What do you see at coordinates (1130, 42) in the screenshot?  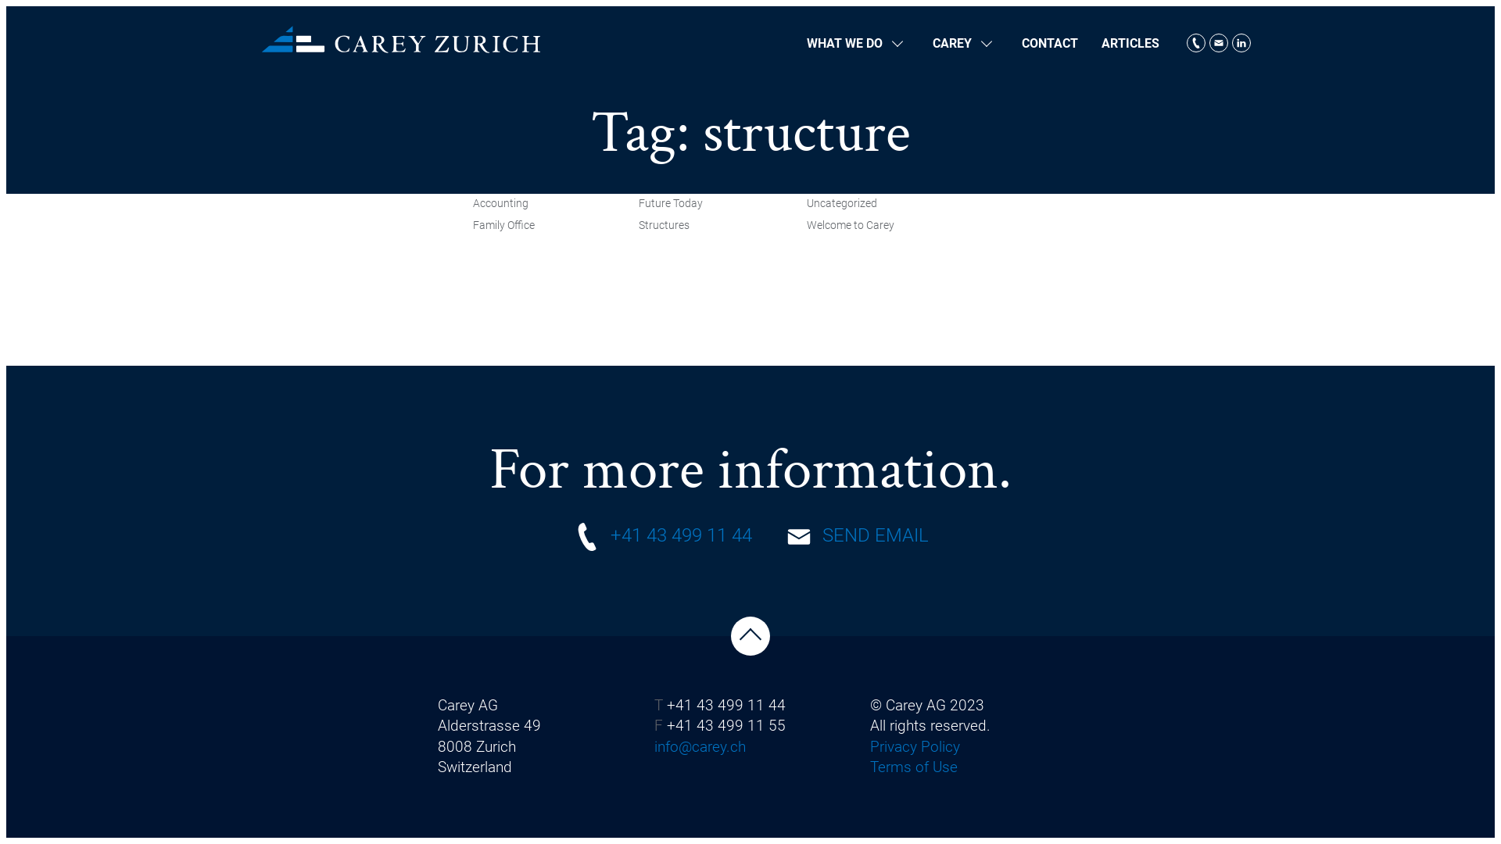 I see `'ARTICLES'` at bounding box center [1130, 42].